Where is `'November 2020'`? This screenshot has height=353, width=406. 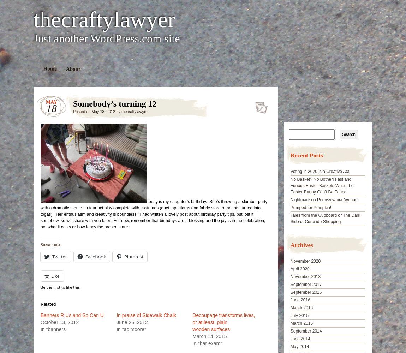 'November 2020' is located at coordinates (305, 261).